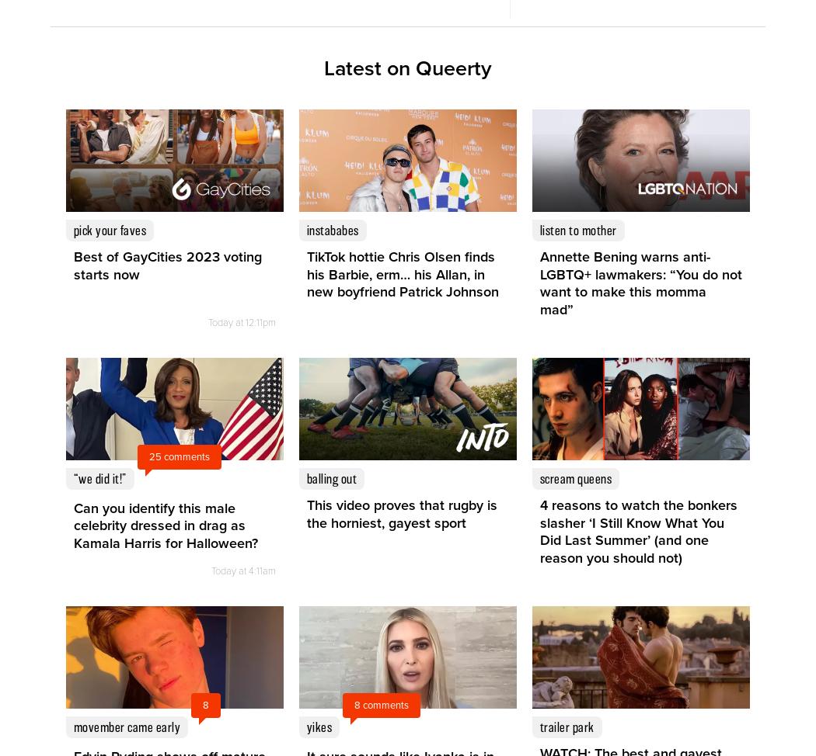  What do you see at coordinates (539, 477) in the screenshot?
I see `'scream queens'` at bounding box center [539, 477].